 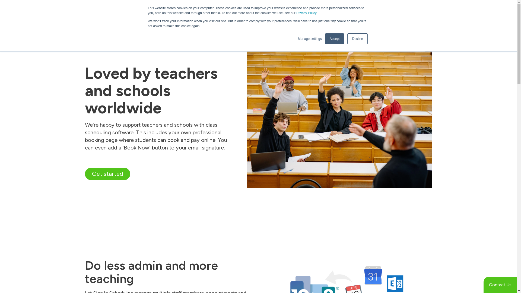 I want to click on 'Get started', so click(x=107, y=174).